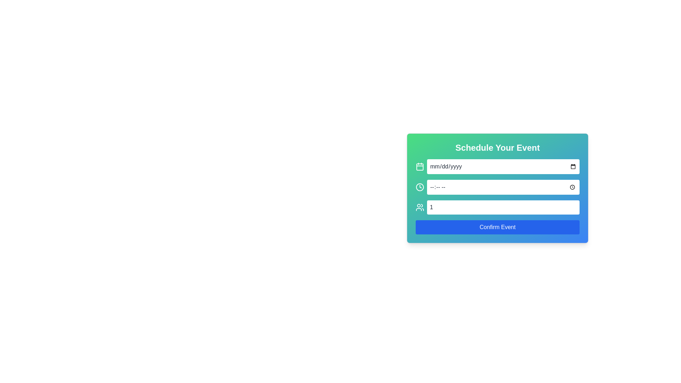 The width and height of the screenshot is (681, 383). Describe the element at coordinates (497, 227) in the screenshot. I see `the 'Confirm Event' button, which is a rectangular button with a blue background and slightly rounded corners` at that location.